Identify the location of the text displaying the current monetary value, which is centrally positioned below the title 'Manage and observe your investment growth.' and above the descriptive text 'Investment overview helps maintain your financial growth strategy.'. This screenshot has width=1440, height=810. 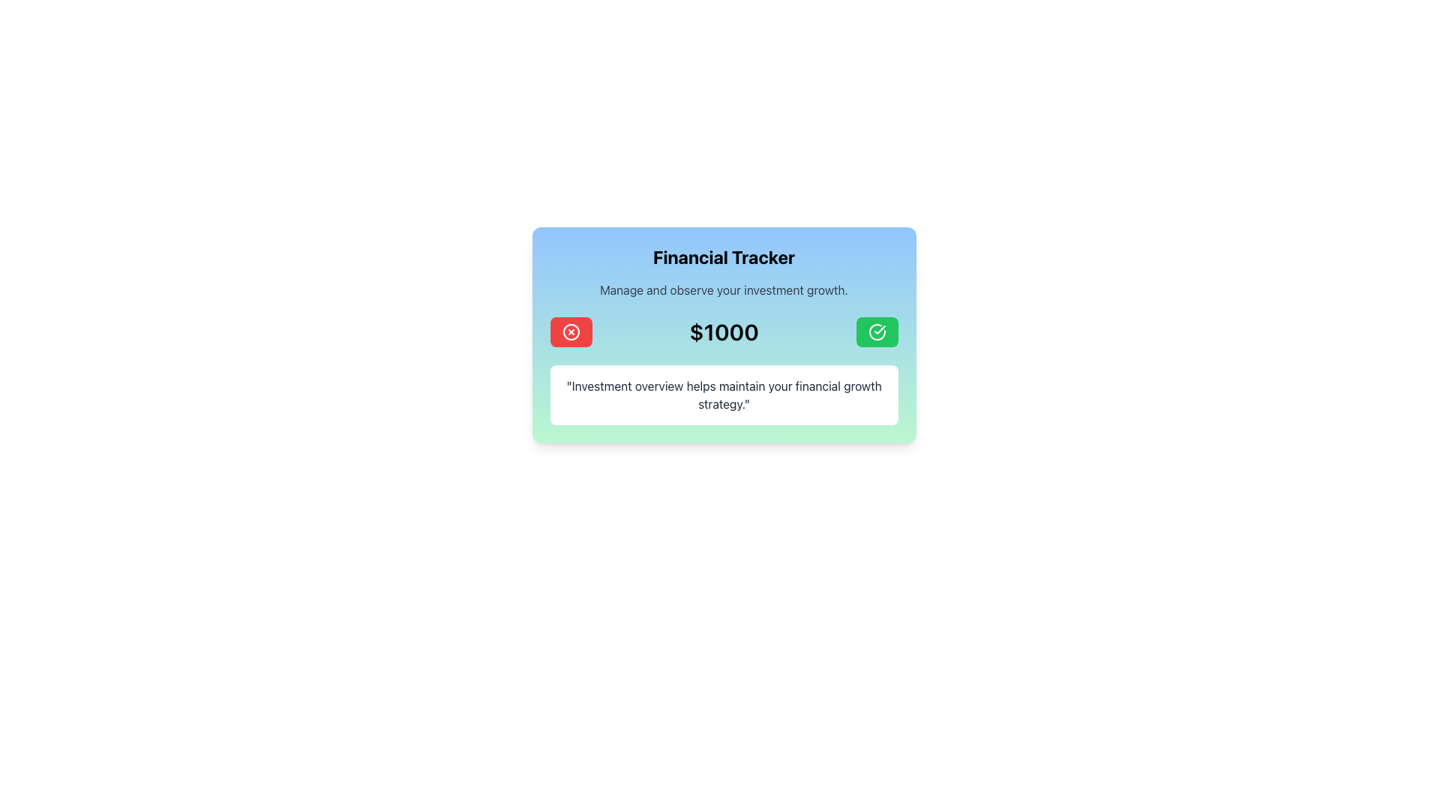
(724, 331).